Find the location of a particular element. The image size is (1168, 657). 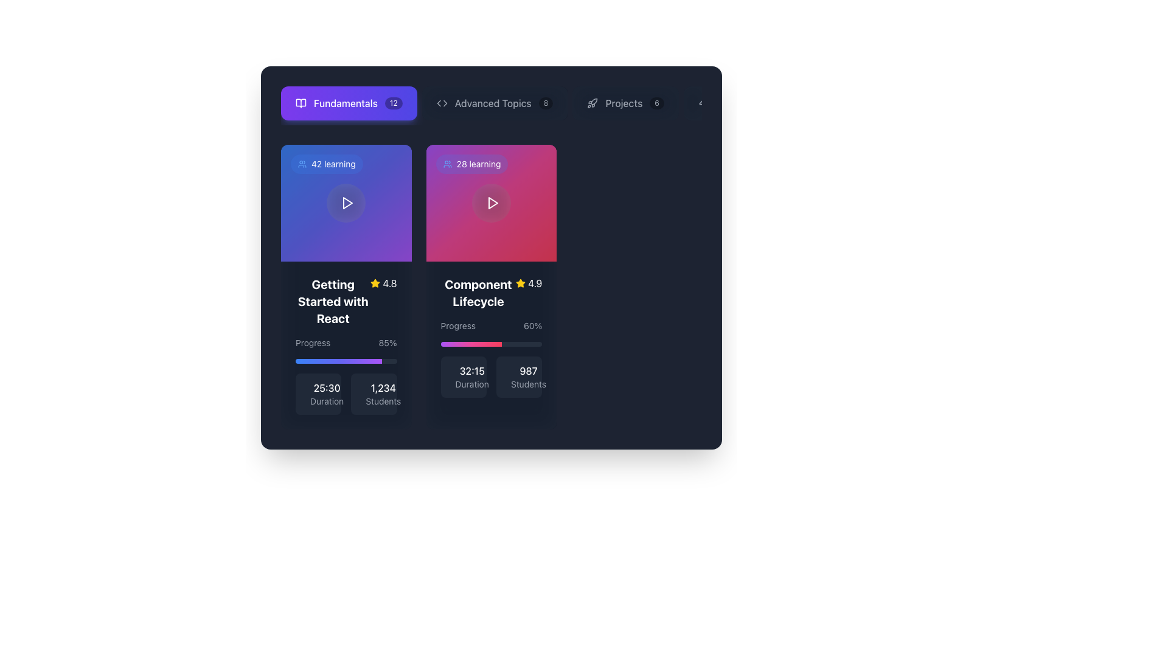

the circular button with a frosted glass effect, white border, and triangular play icon located in the left card above the text 'Getting Started with React' to play content is located at coordinates (346, 203).